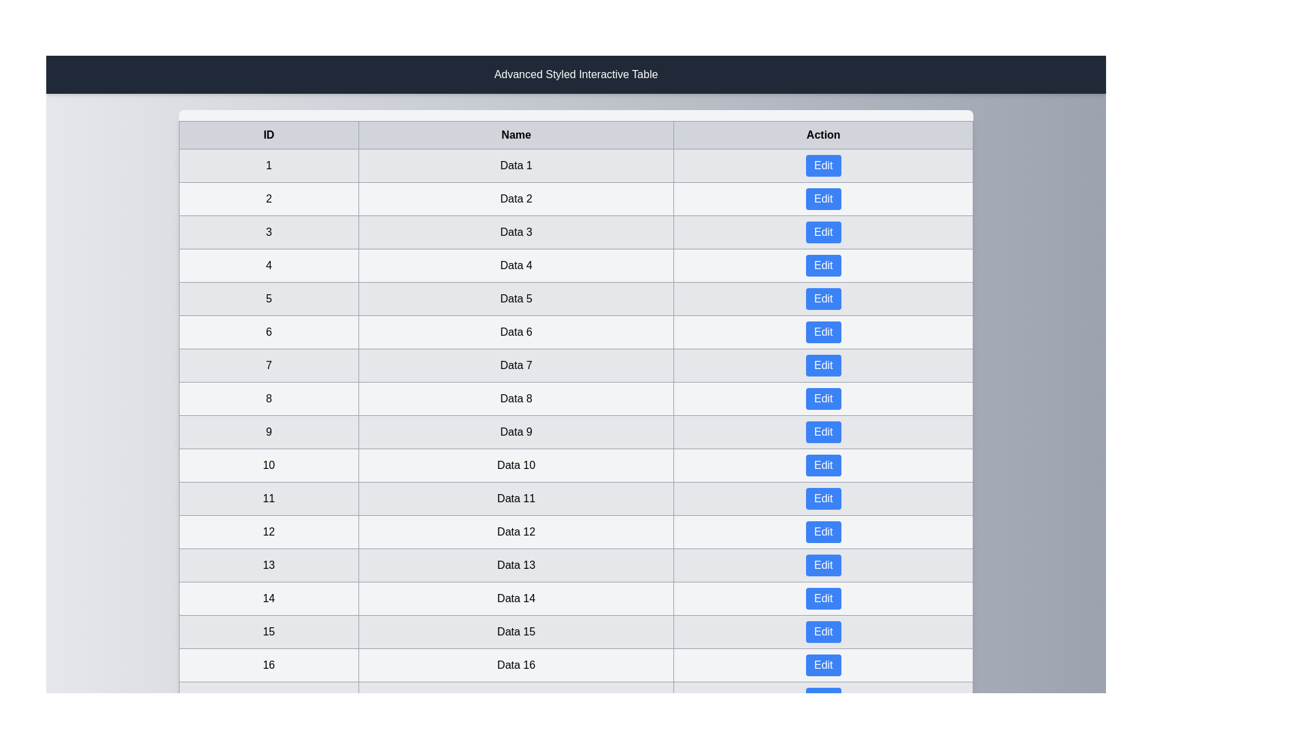 This screenshot has width=1306, height=734. Describe the element at coordinates (822, 135) in the screenshot. I see `the column header Action to sort the table` at that location.